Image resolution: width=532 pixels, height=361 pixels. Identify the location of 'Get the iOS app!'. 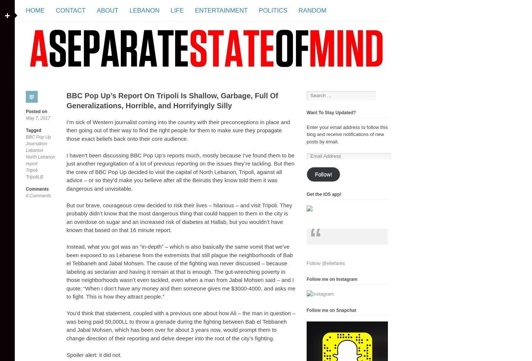
(323, 194).